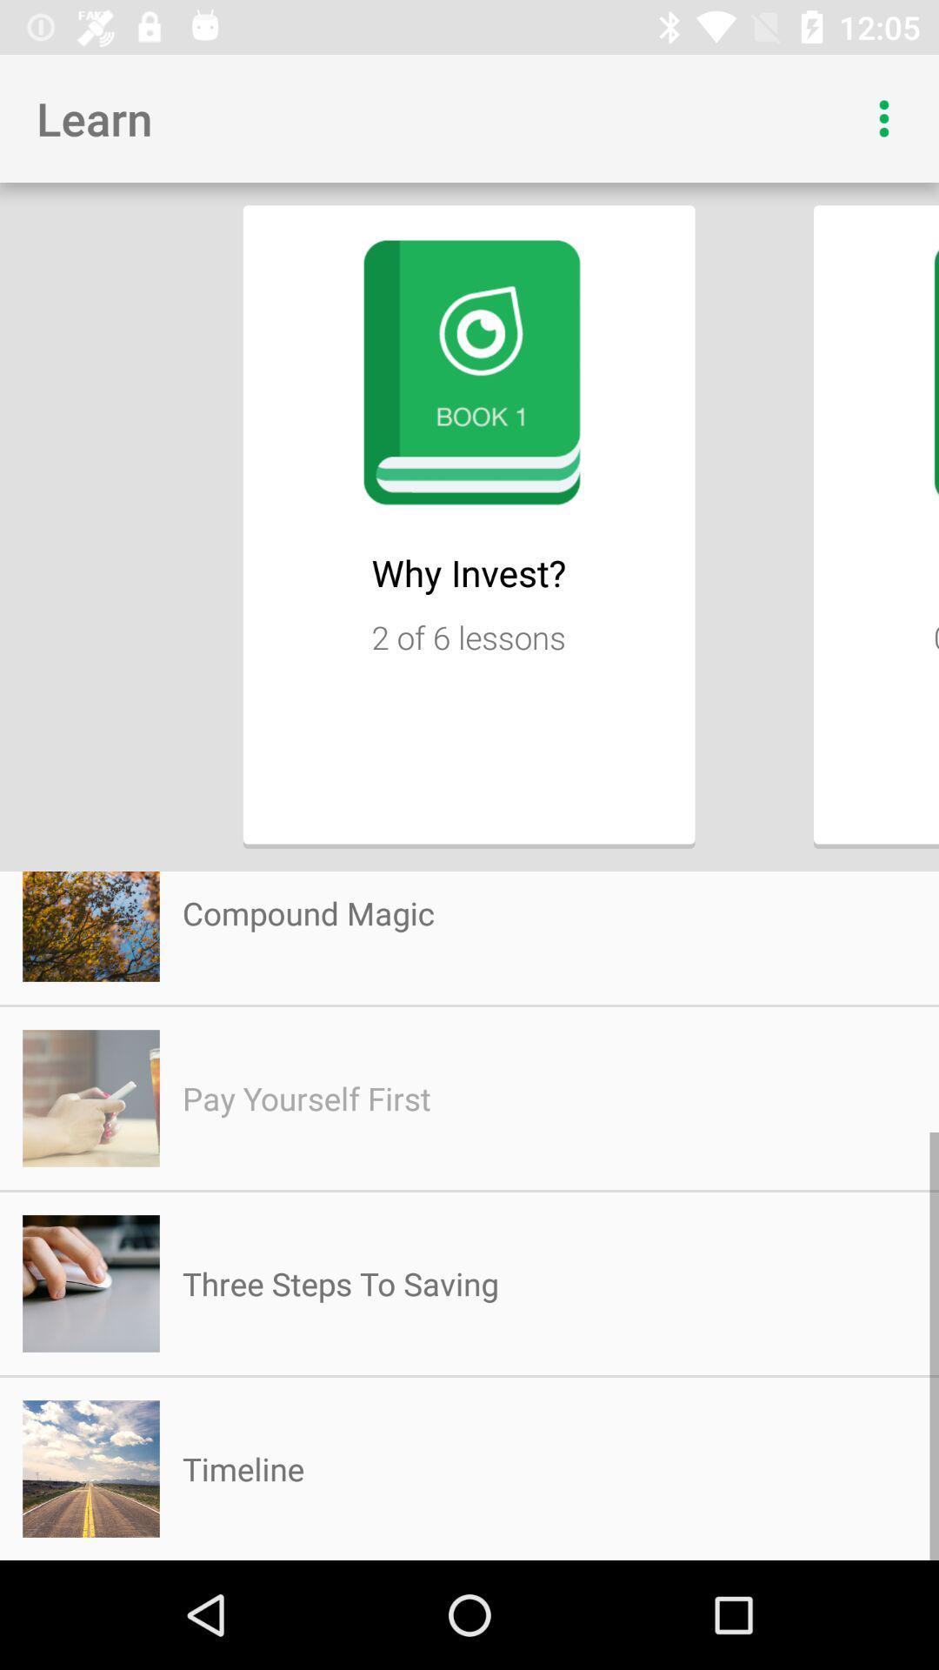 This screenshot has width=939, height=1670. I want to click on drop down menu, so click(884, 117).